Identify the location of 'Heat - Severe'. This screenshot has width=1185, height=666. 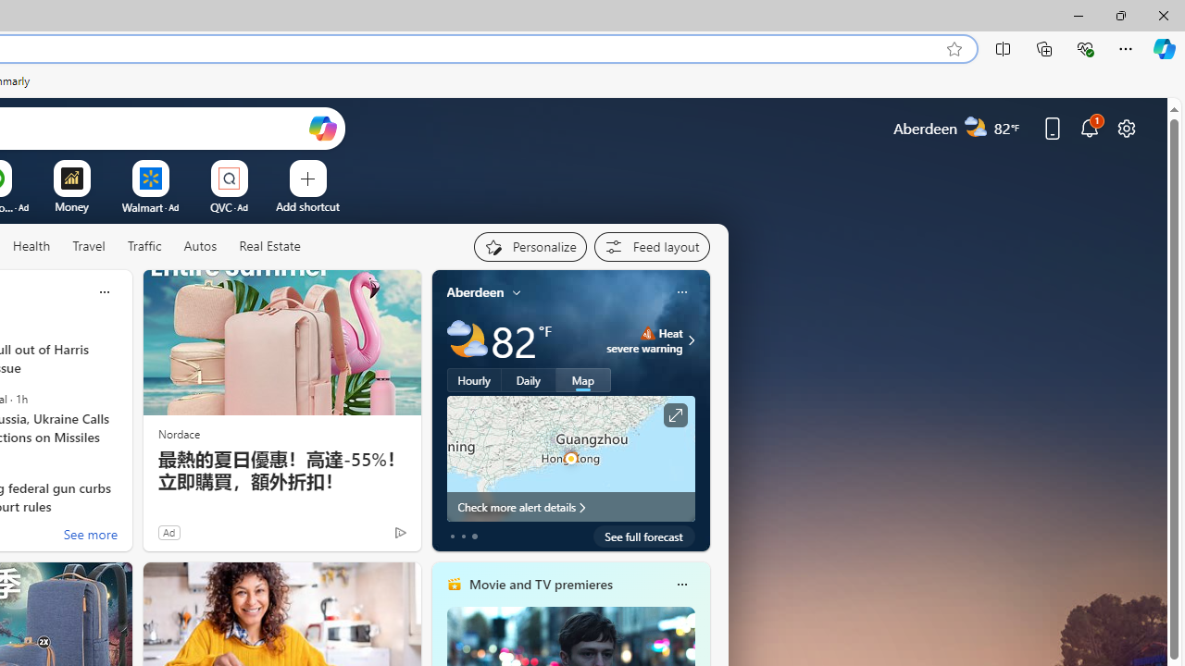
(647, 333).